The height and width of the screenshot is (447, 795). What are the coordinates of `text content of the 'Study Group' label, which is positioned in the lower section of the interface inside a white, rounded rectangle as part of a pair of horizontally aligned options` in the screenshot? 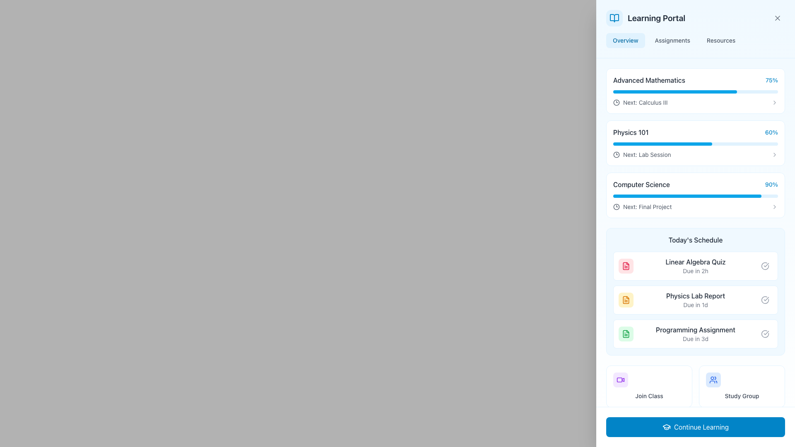 It's located at (742, 395).